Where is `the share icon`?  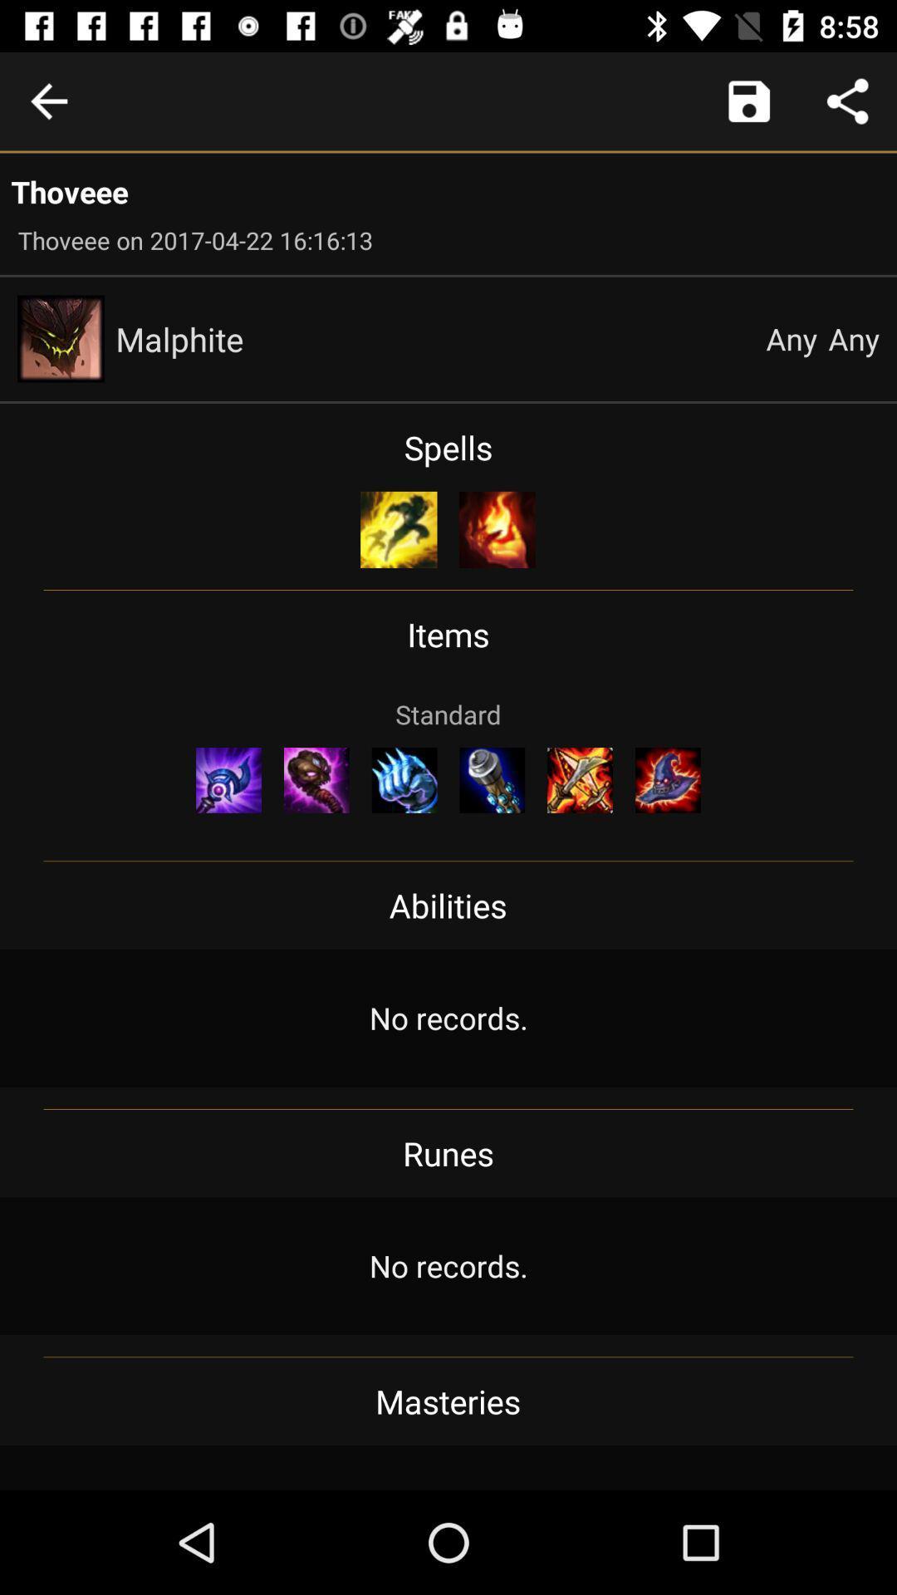
the share icon is located at coordinates (847, 101).